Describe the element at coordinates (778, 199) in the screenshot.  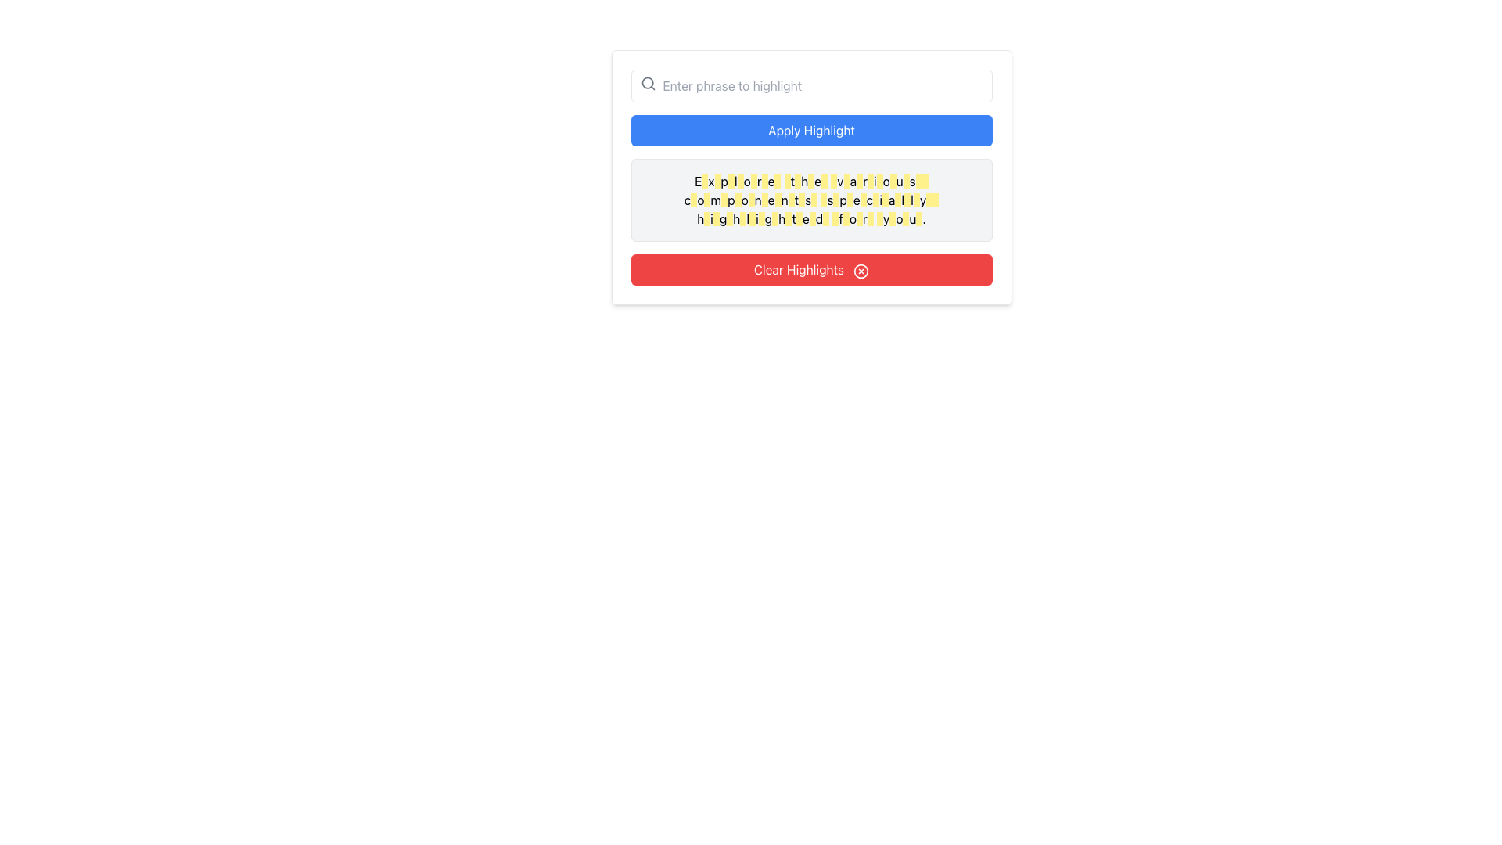
I see `the small yellow-highlighted rectangle, which is the eighth word in the second row of text beneath the blue button labeled 'Apply Highlight.'` at that location.